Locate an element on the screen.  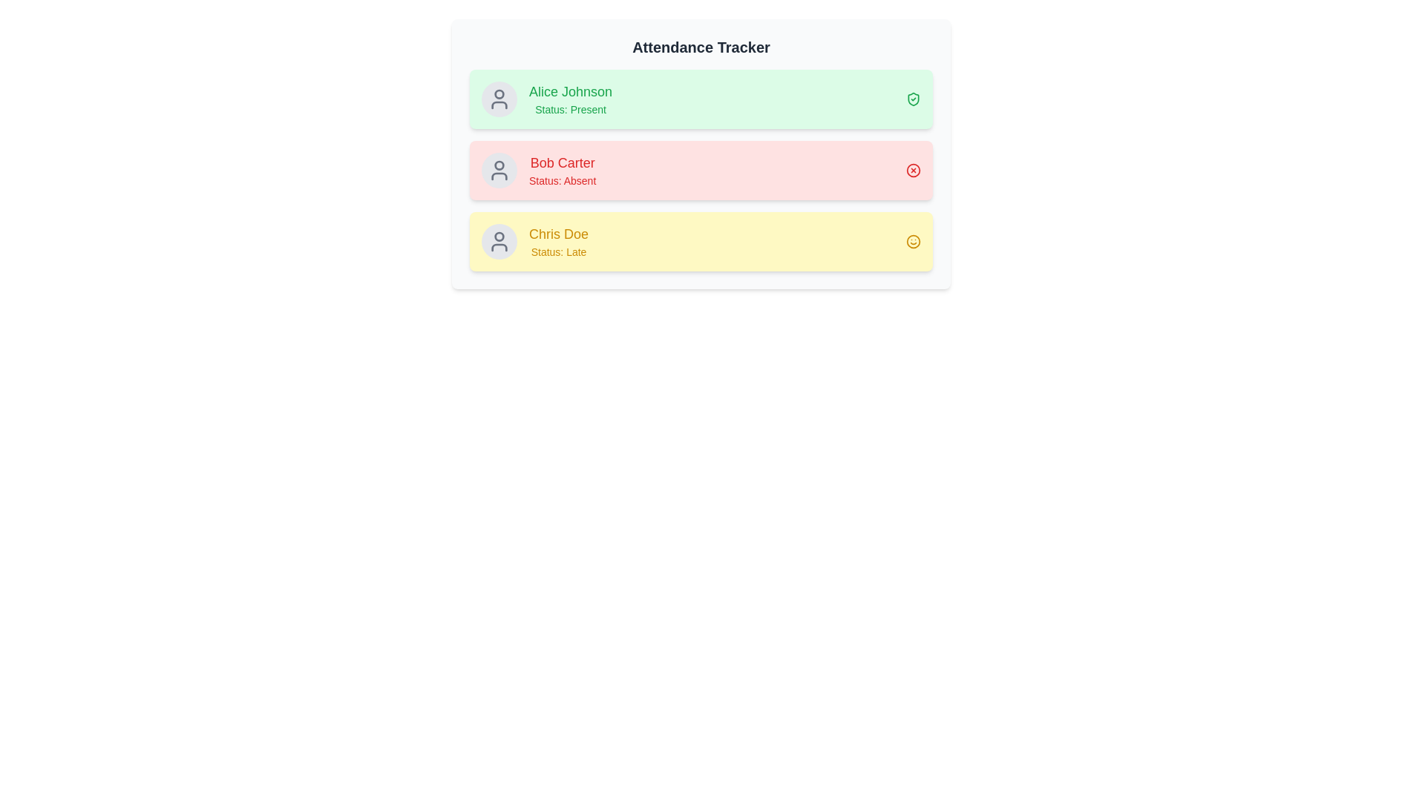
the user profile icon, which is an SVG-based representation of a user with a circular head and semi-oval body, located within a rounded square button in the yellow section of the 'Attendance Tracker' interface for 'Chris Doe' is located at coordinates (499, 241).